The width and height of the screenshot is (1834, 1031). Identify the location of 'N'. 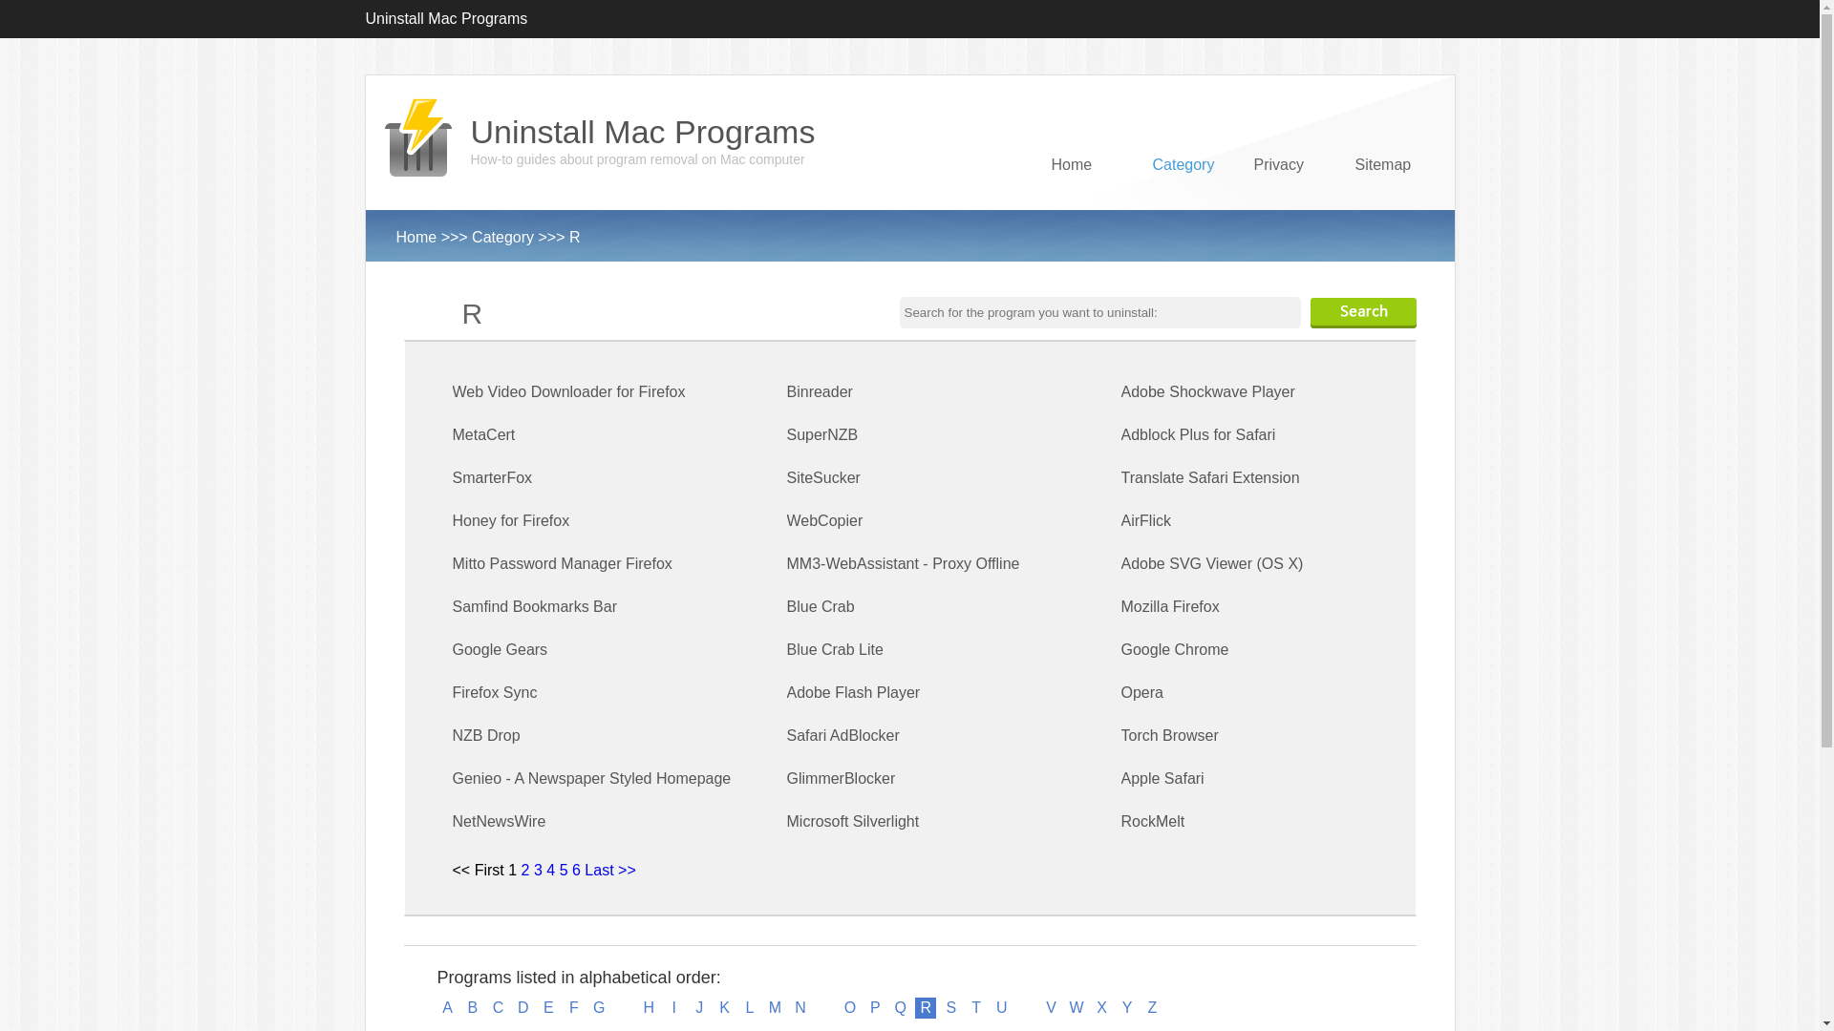
(800, 1007).